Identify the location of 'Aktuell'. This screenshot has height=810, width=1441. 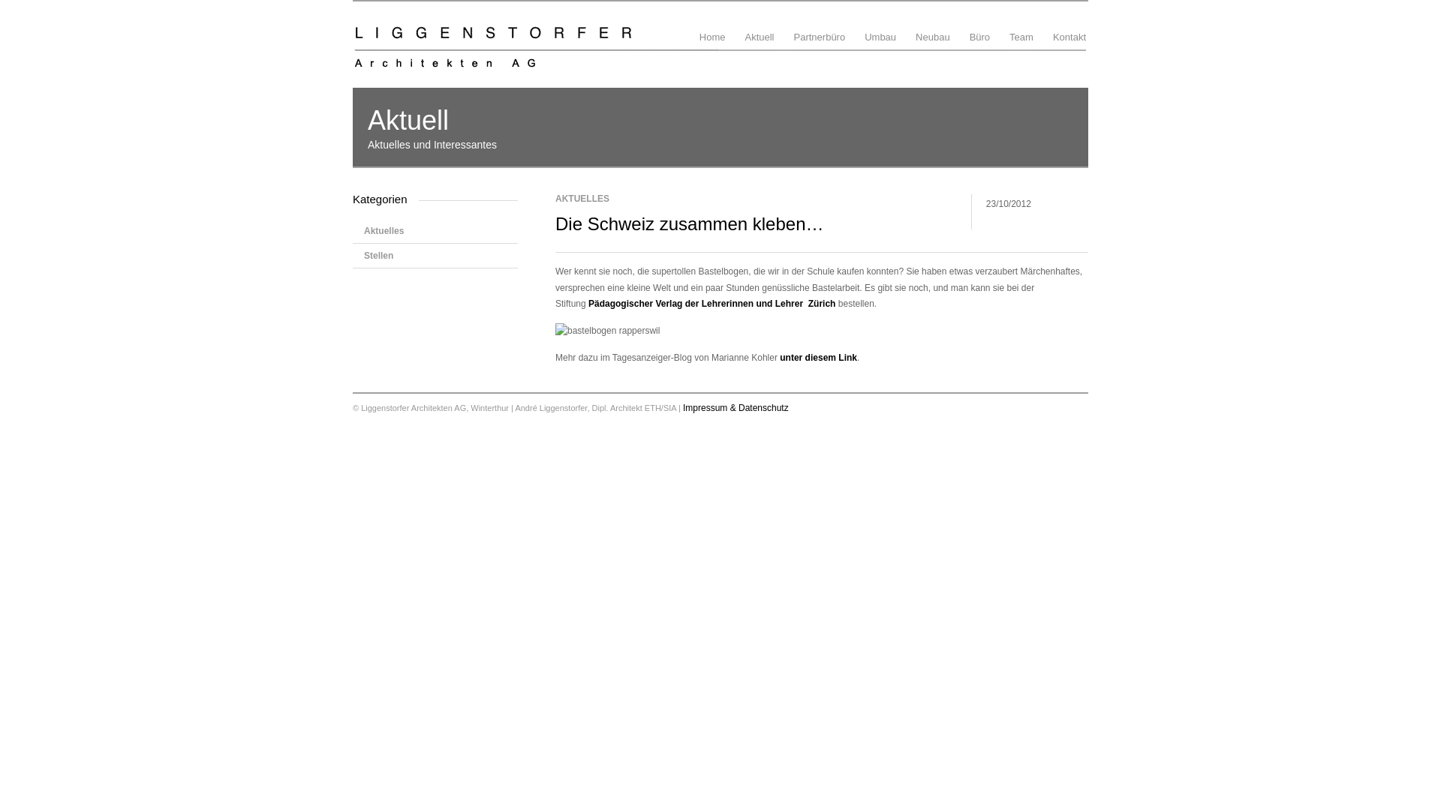
(759, 25).